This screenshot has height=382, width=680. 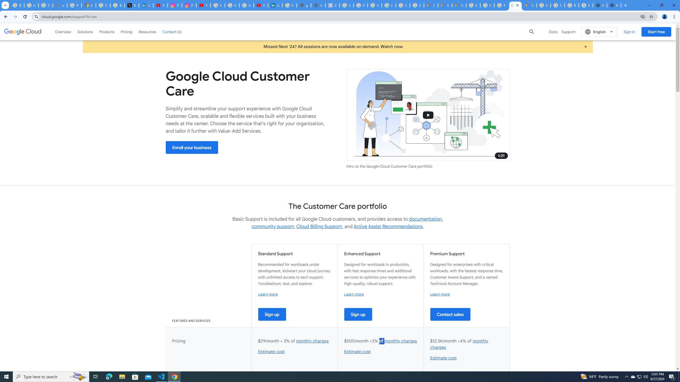 I want to click on 'Google Cloud Platform', so click(x=487, y=5).